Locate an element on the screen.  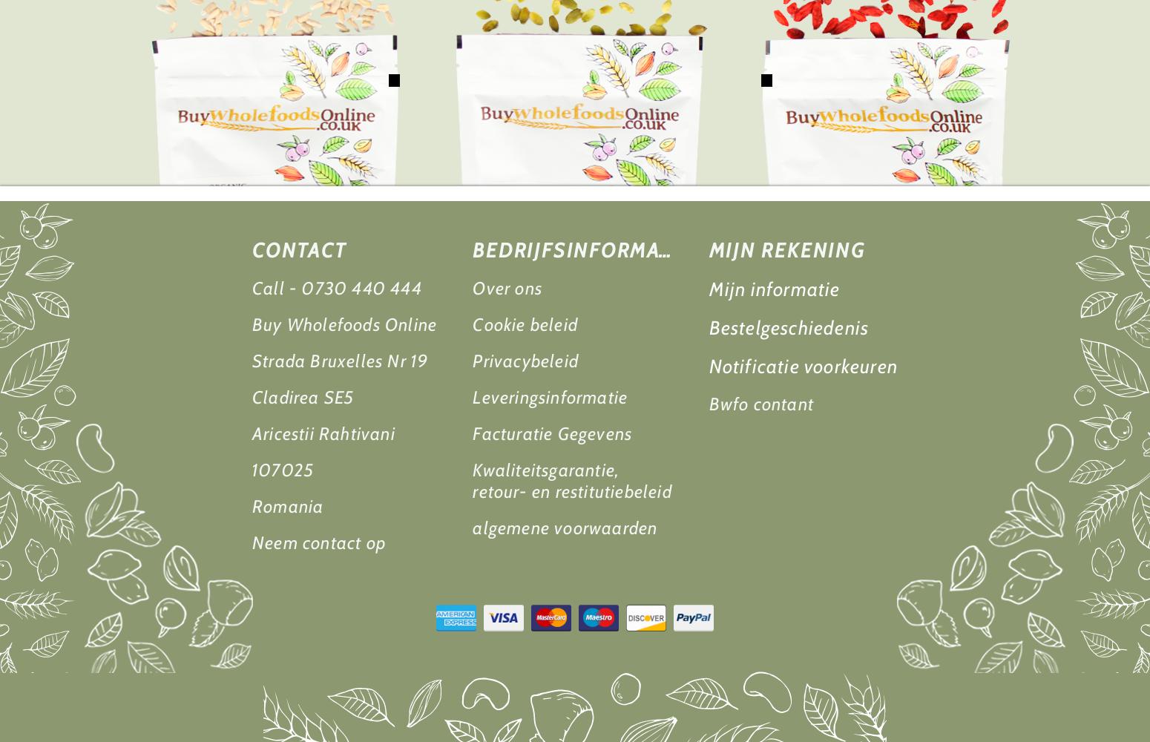
'Bestelgeschiedenis' is located at coordinates (788, 327).